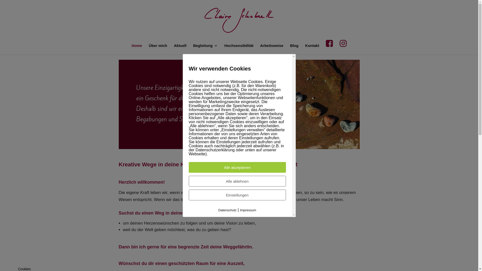 Image resolution: width=482 pixels, height=271 pixels. What do you see at coordinates (137, 49) in the screenshot?
I see `'Home'` at bounding box center [137, 49].